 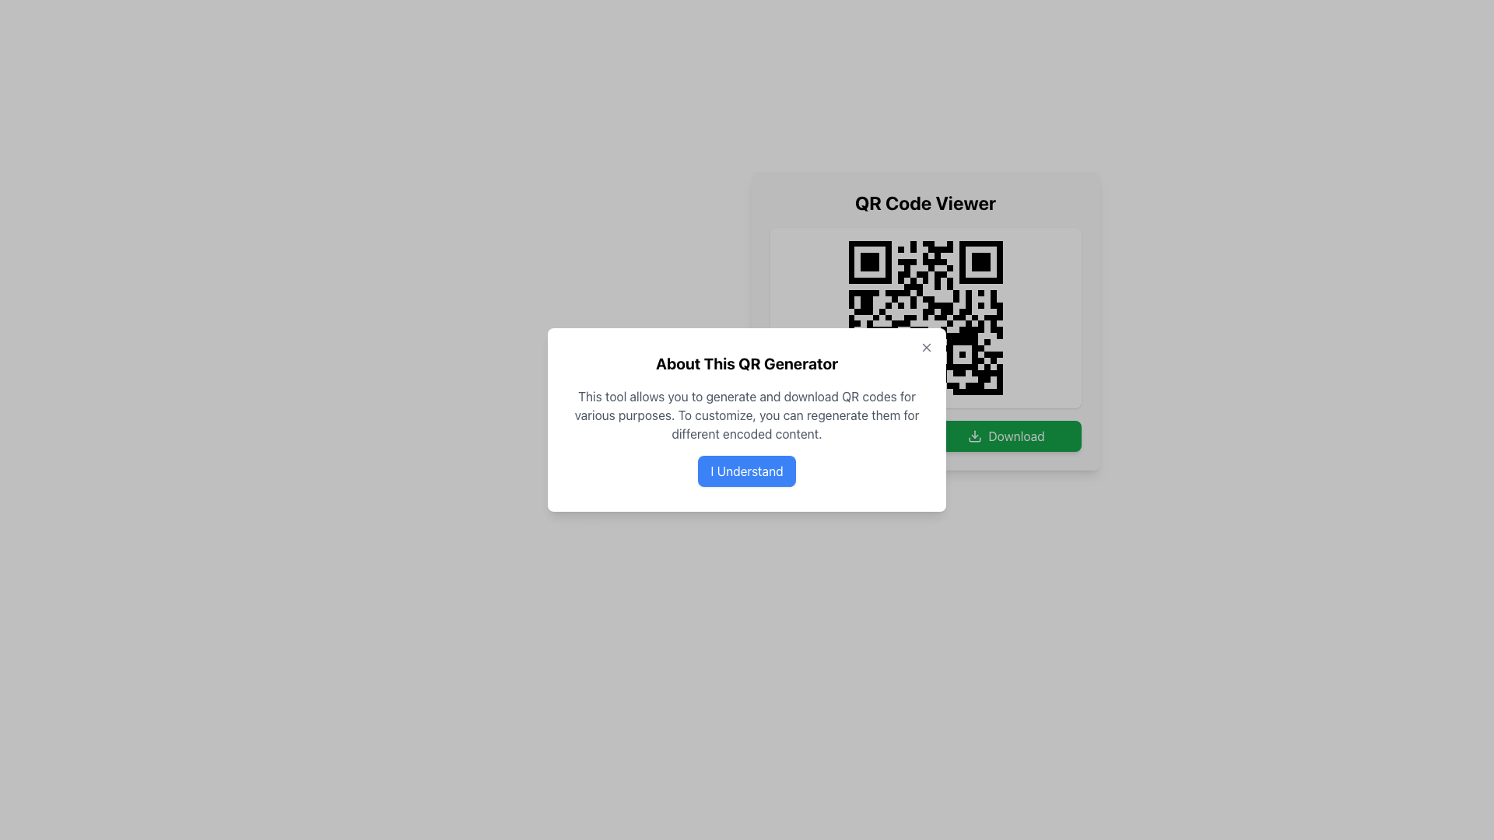 What do you see at coordinates (747, 470) in the screenshot?
I see `the confirmation button located at the bottom center of the 'About This QR Generator' pop-up to observe the hover styling effect` at bounding box center [747, 470].